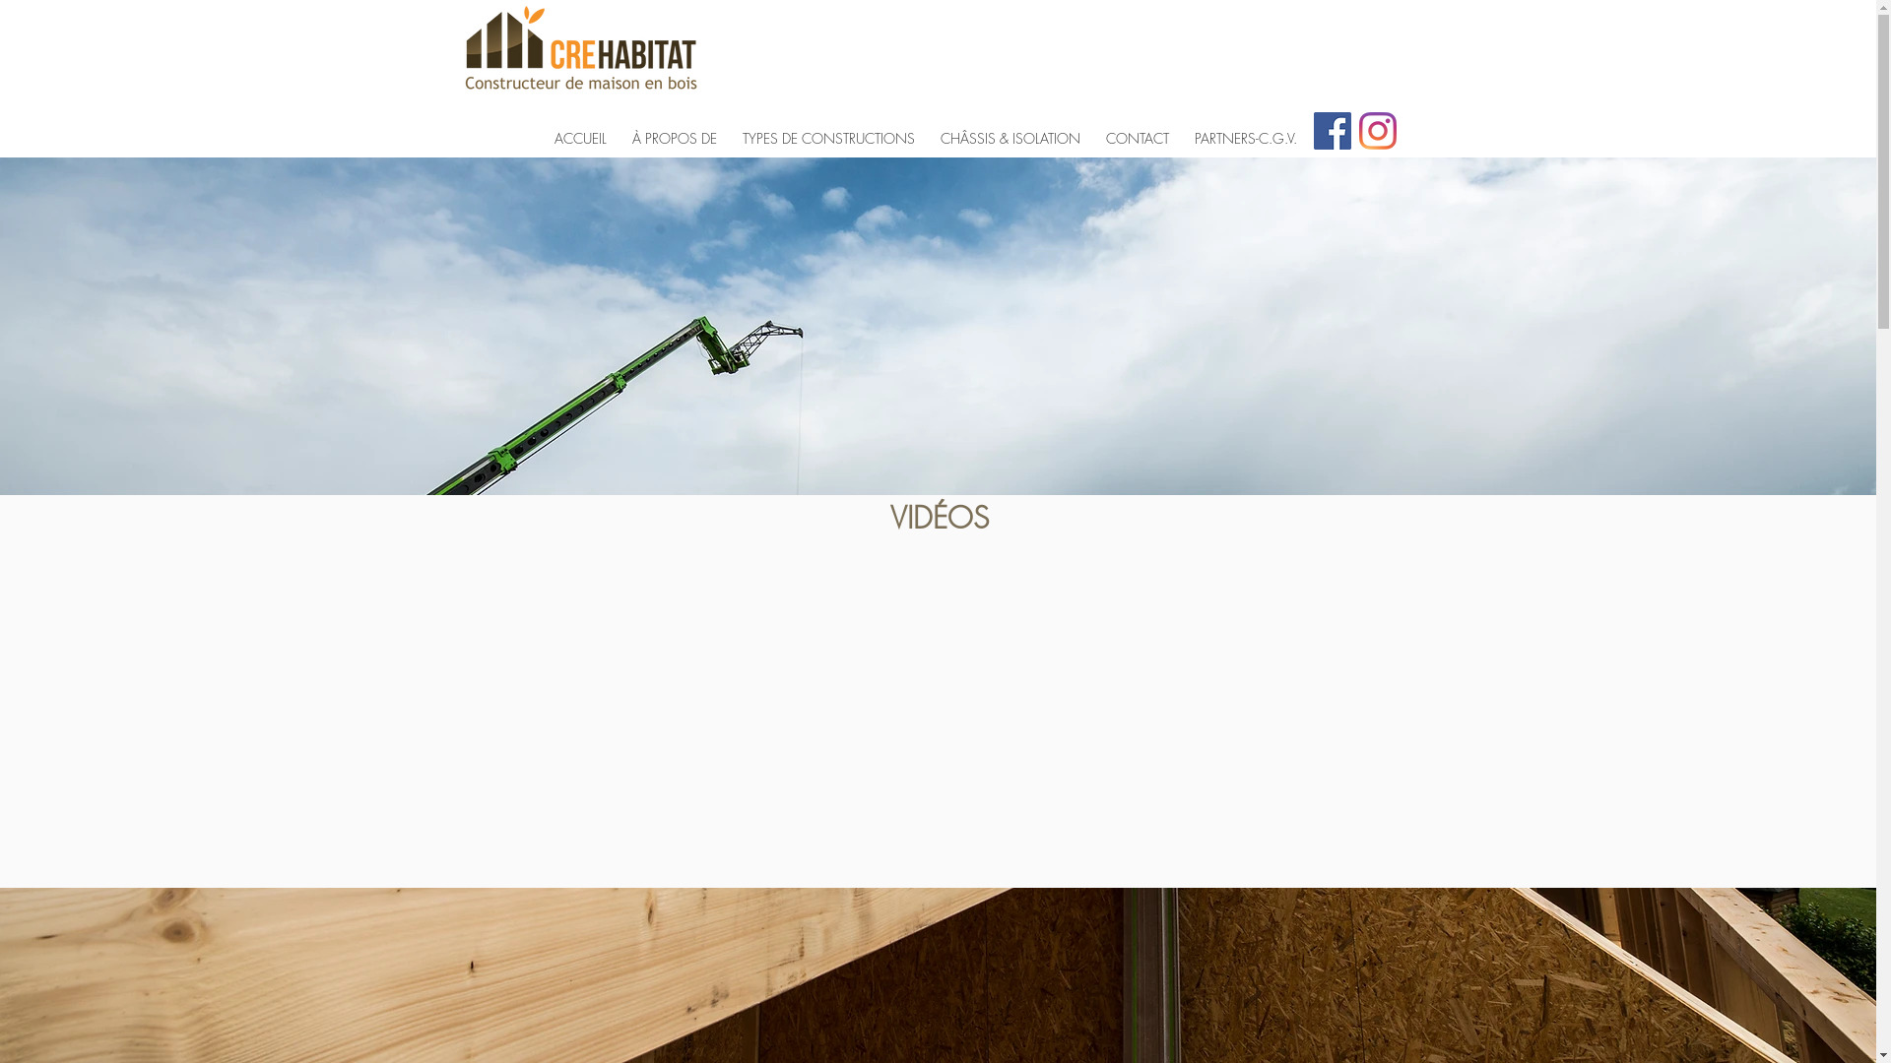  Describe the element at coordinates (1091, 129) in the screenshot. I see `'CONTACT'` at that location.